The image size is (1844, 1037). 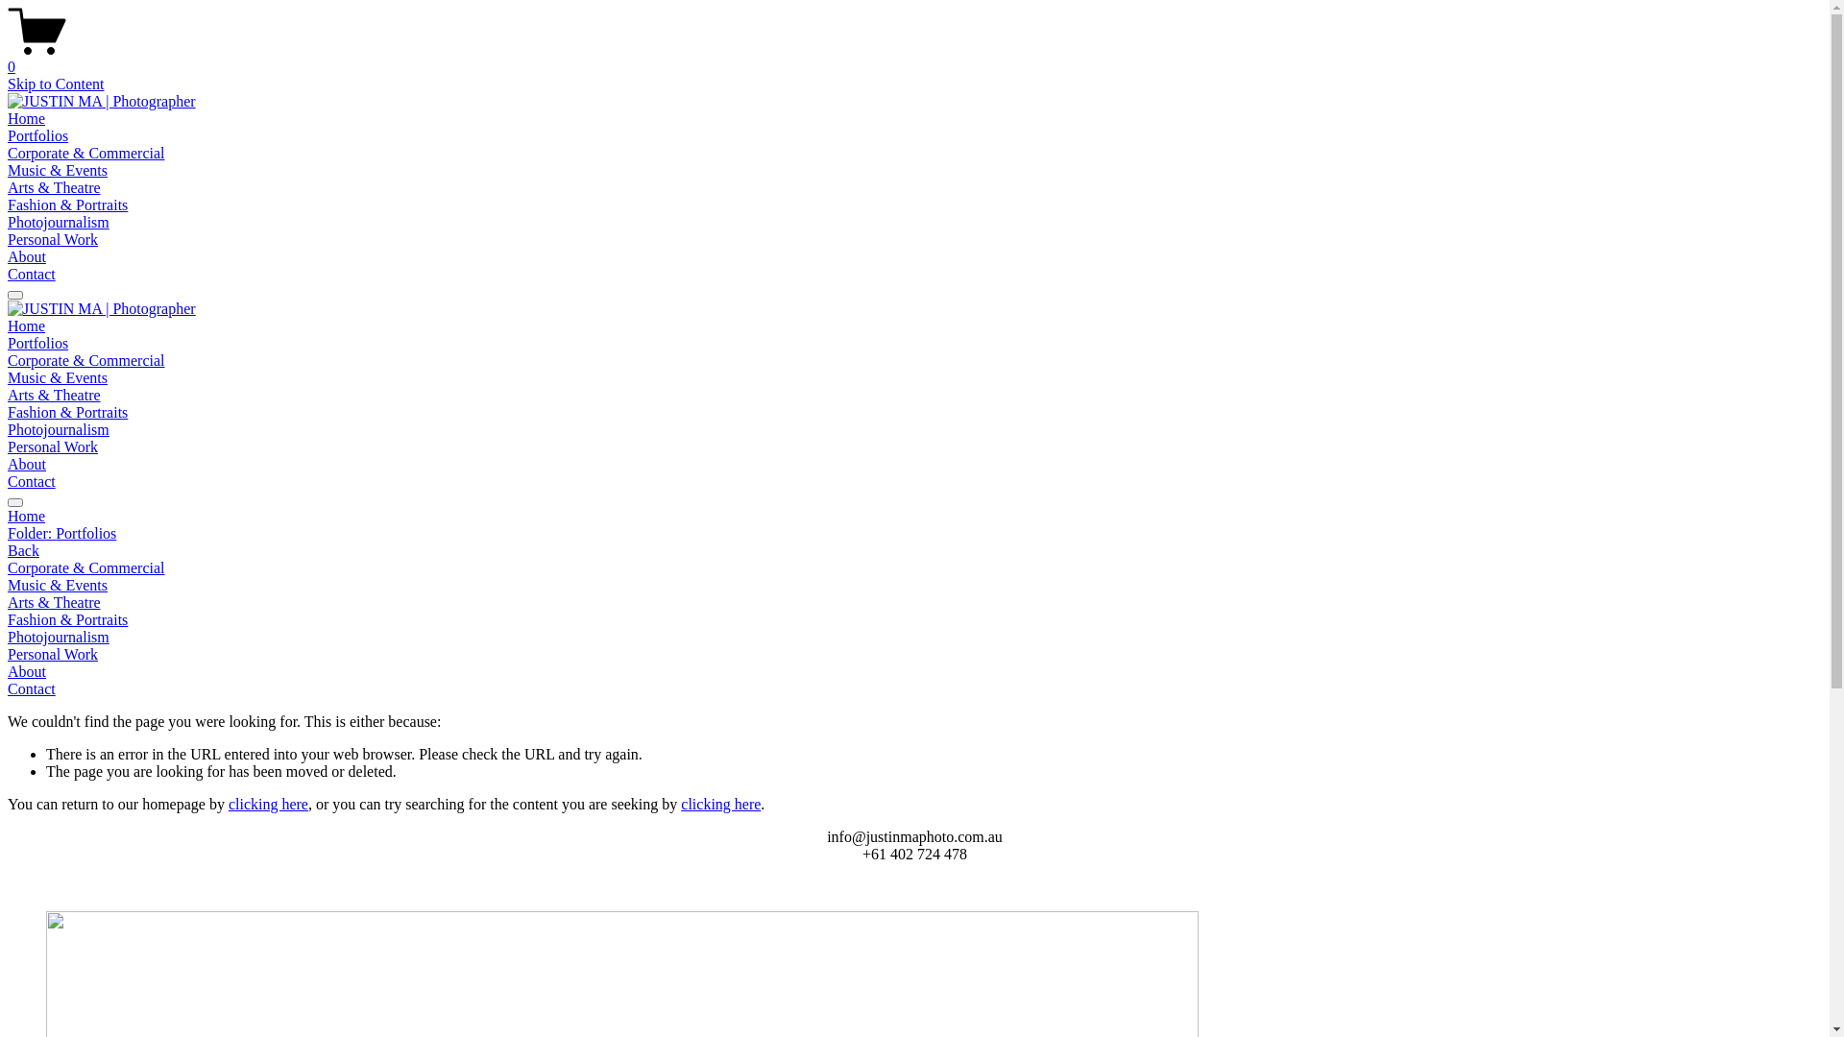 I want to click on 'Home', so click(x=26, y=118).